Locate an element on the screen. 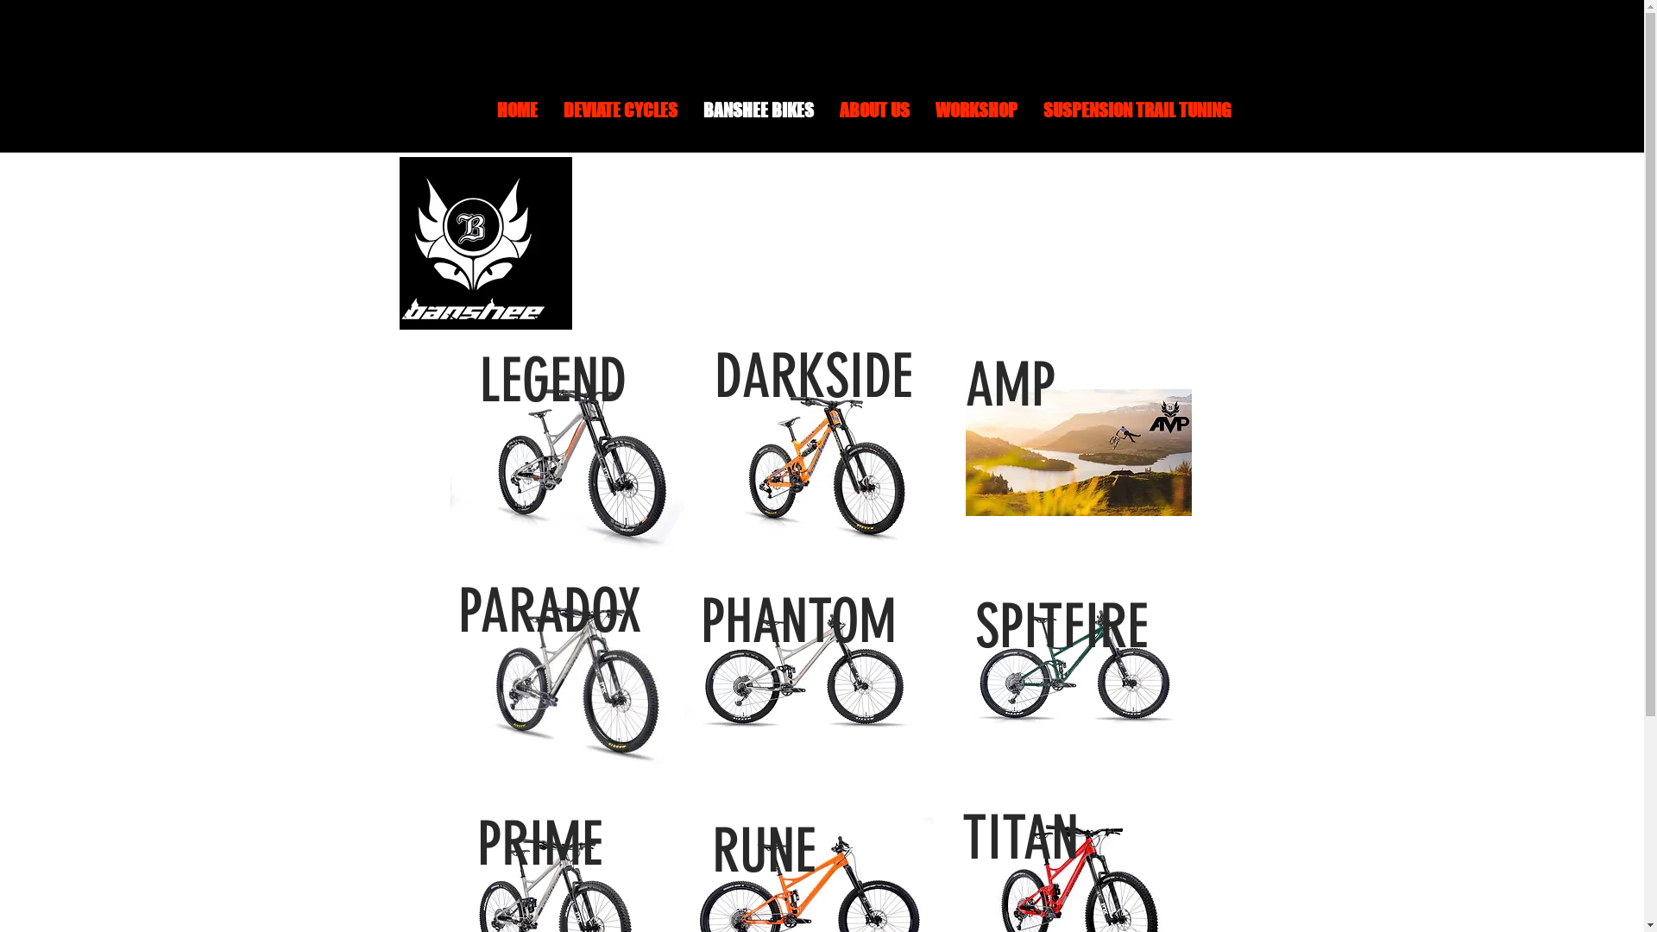 The height and width of the screenshot is (932, 1657). 'ABOUT US' is located at coordinates (874, 121).